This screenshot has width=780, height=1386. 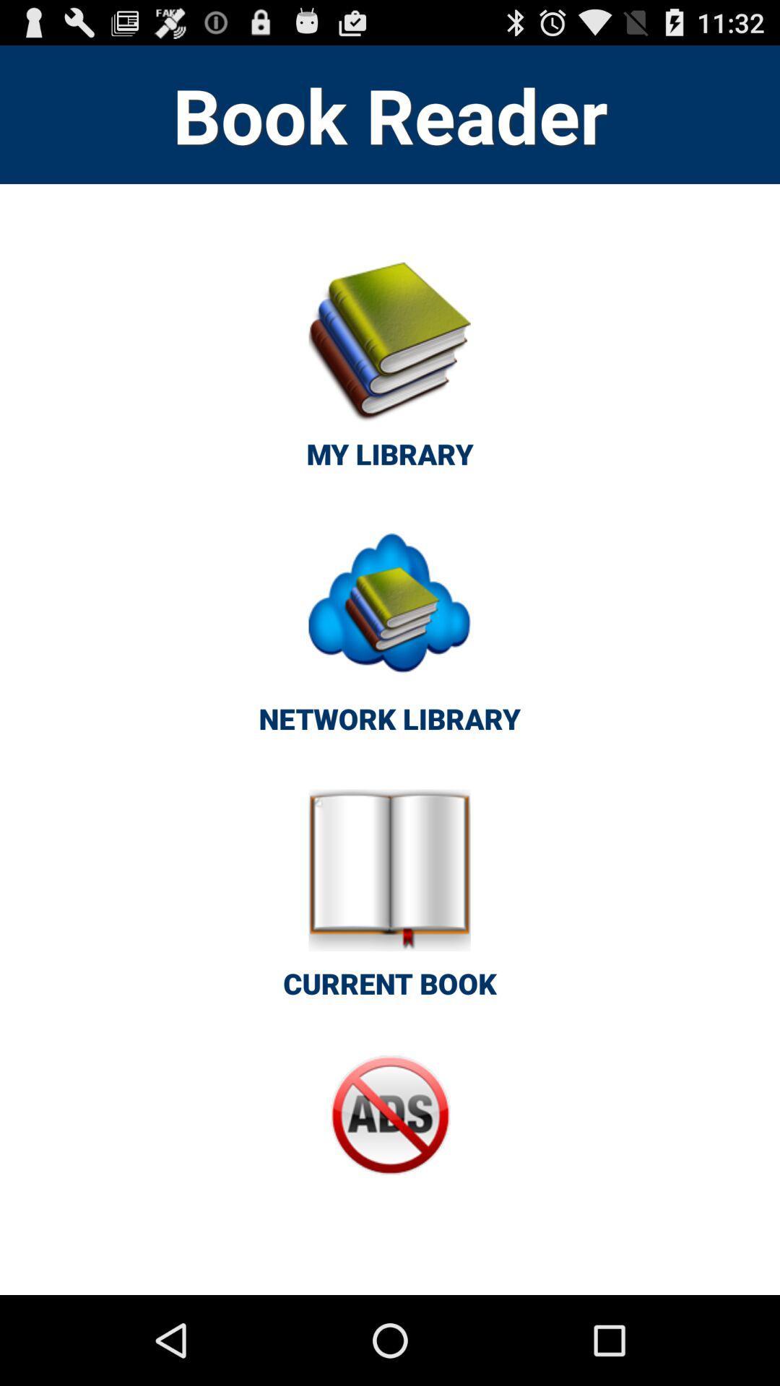 I want to click on button below my library icon, so click(x=389, y=637).